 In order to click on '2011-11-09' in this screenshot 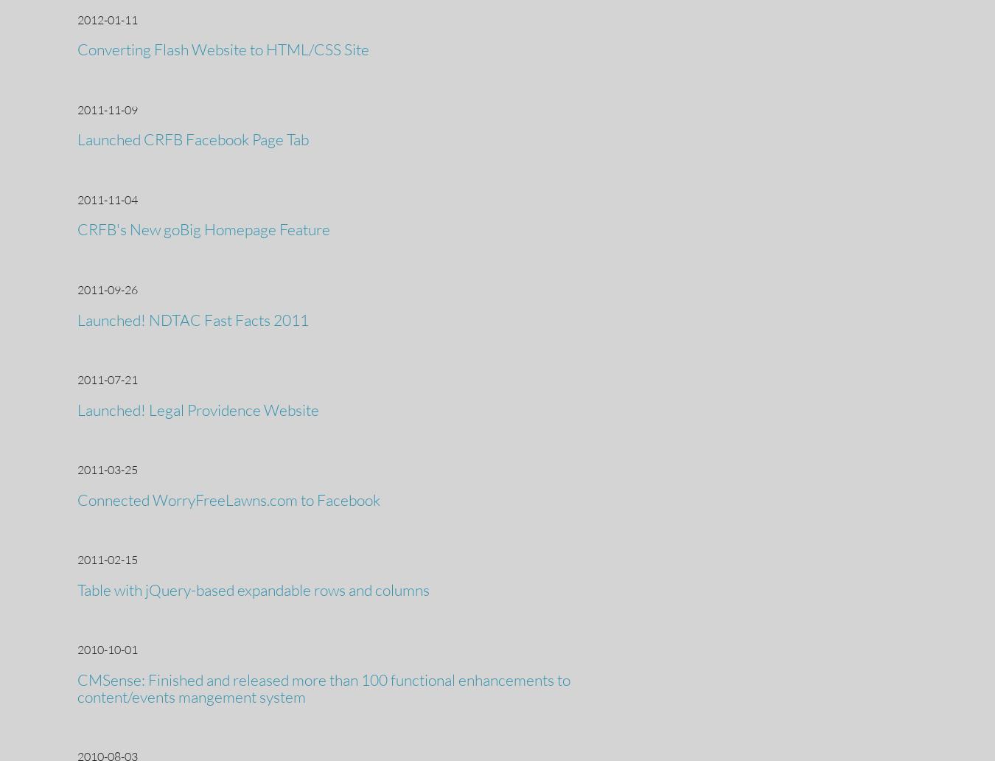, I will do `click(107, 108)`.